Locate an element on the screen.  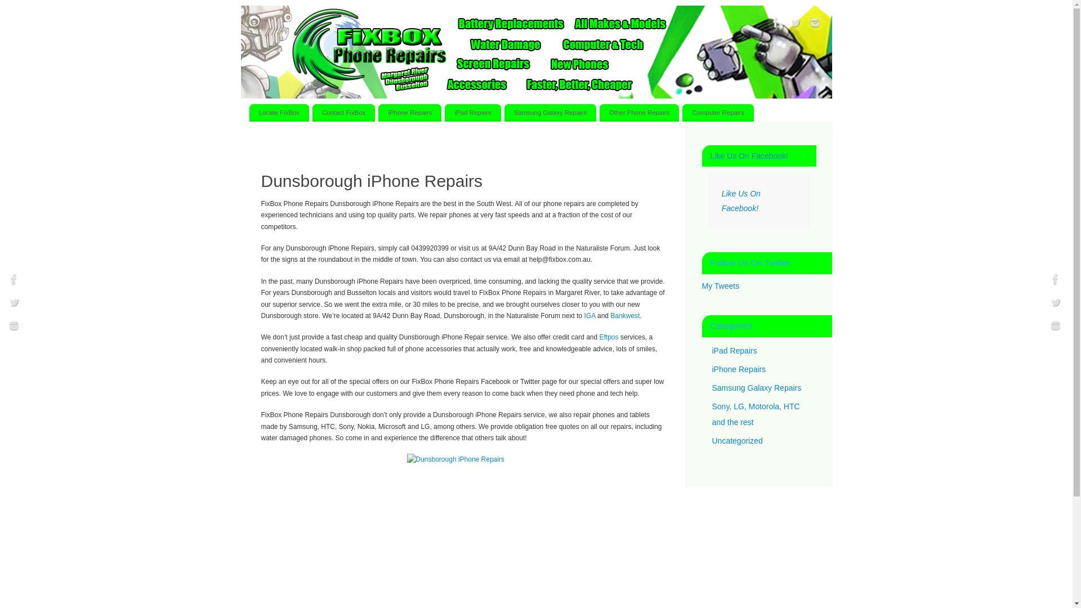
'Sony, LG, Motorola, HTC and the rest' is located at coordinates (756, 414).